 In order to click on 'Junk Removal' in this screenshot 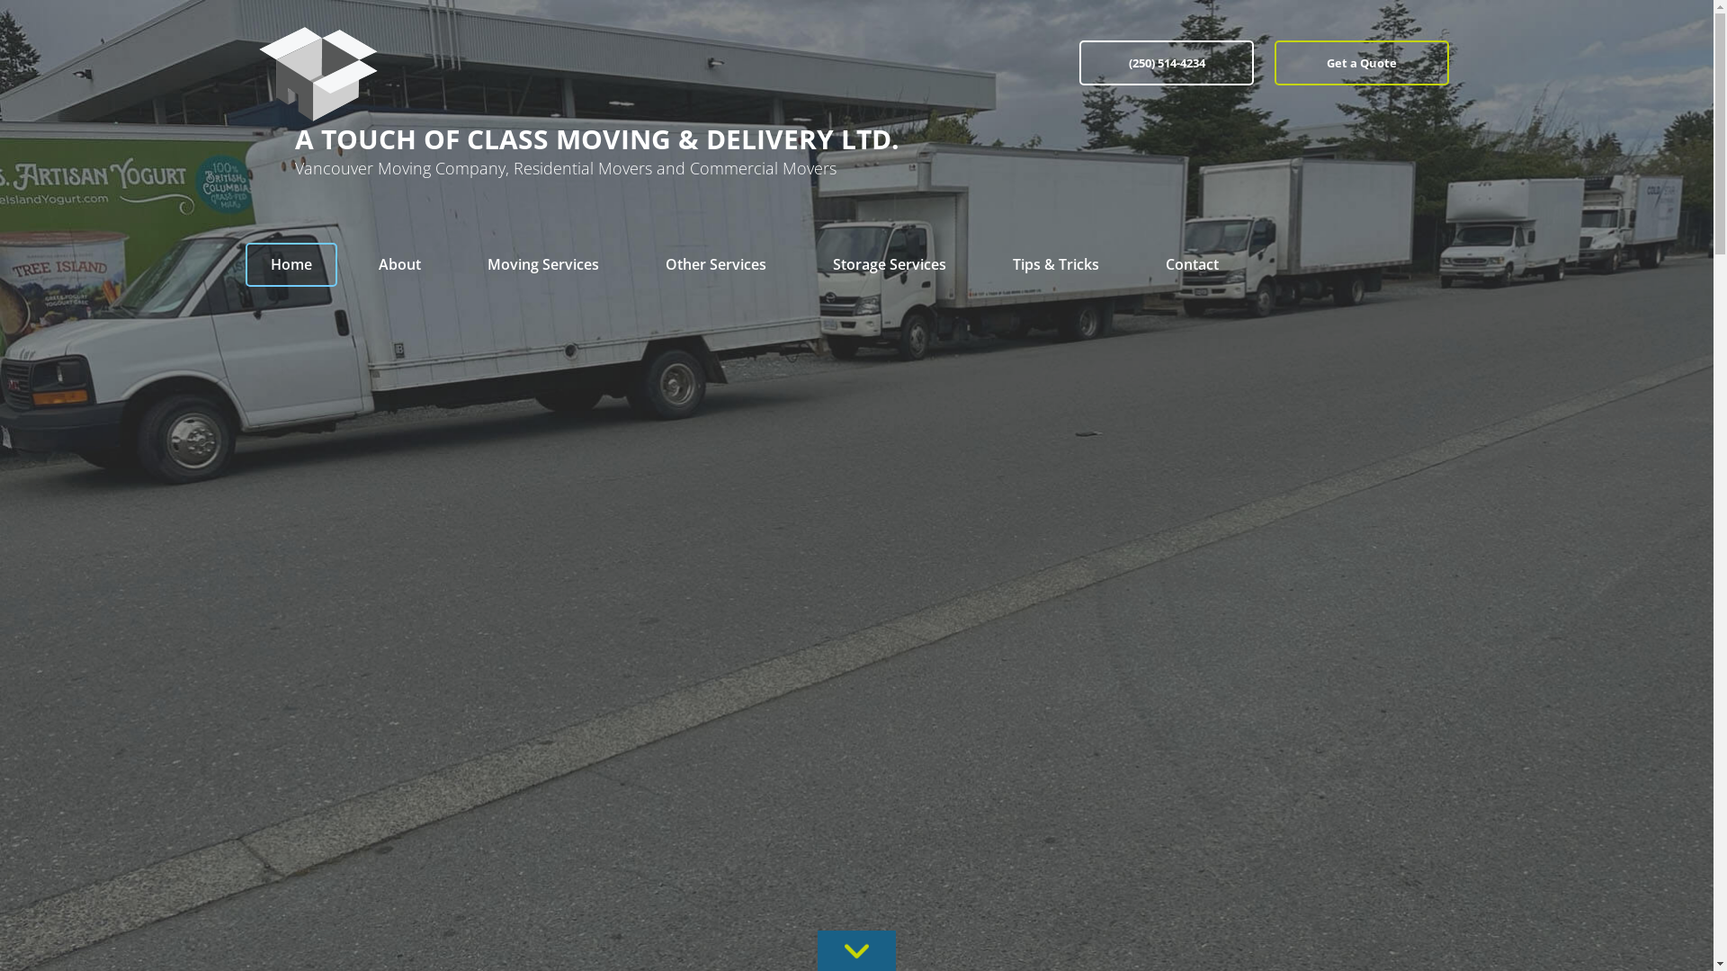, I will do `click(640, 304)`.